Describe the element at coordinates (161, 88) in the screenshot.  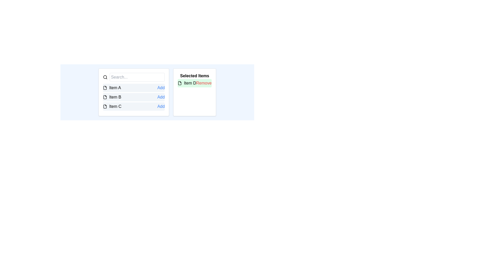
I see `the 'Add' button located to the right of the text 'Item A' in the first row of a vertical list` at that location.